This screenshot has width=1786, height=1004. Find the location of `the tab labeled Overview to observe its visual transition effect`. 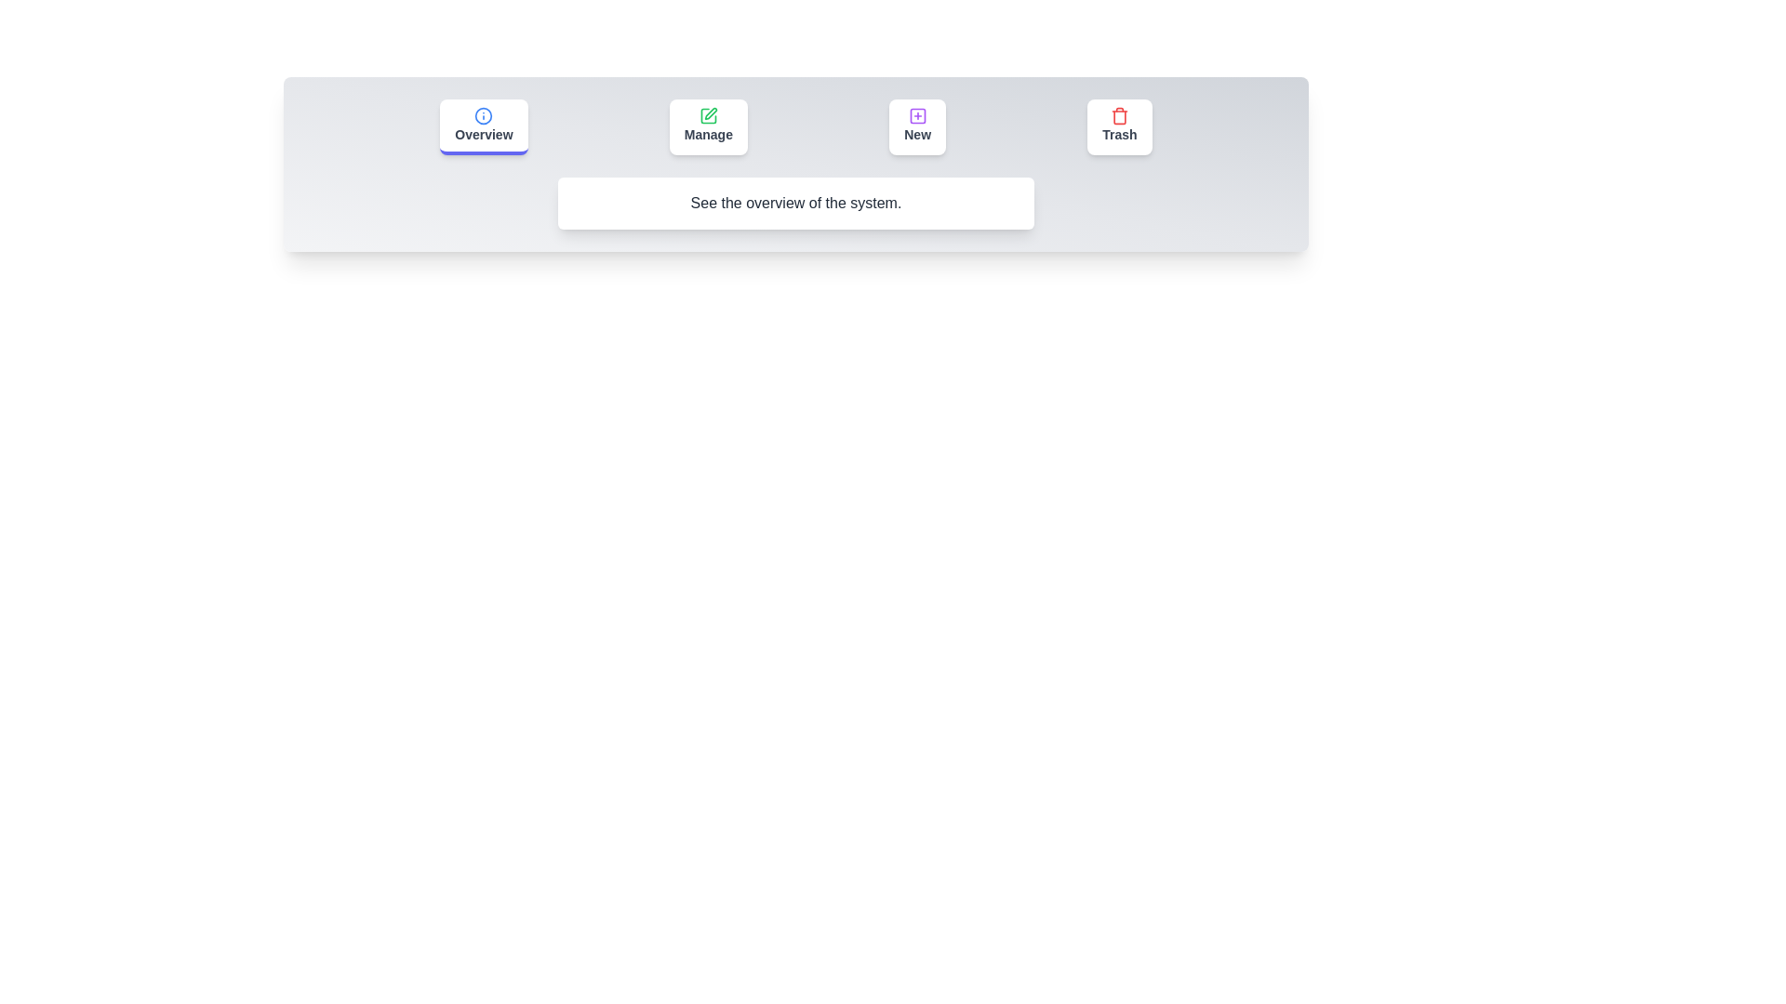

the tab labeled Overview to observe its visual transition effect is located at coordinates (484, 126).